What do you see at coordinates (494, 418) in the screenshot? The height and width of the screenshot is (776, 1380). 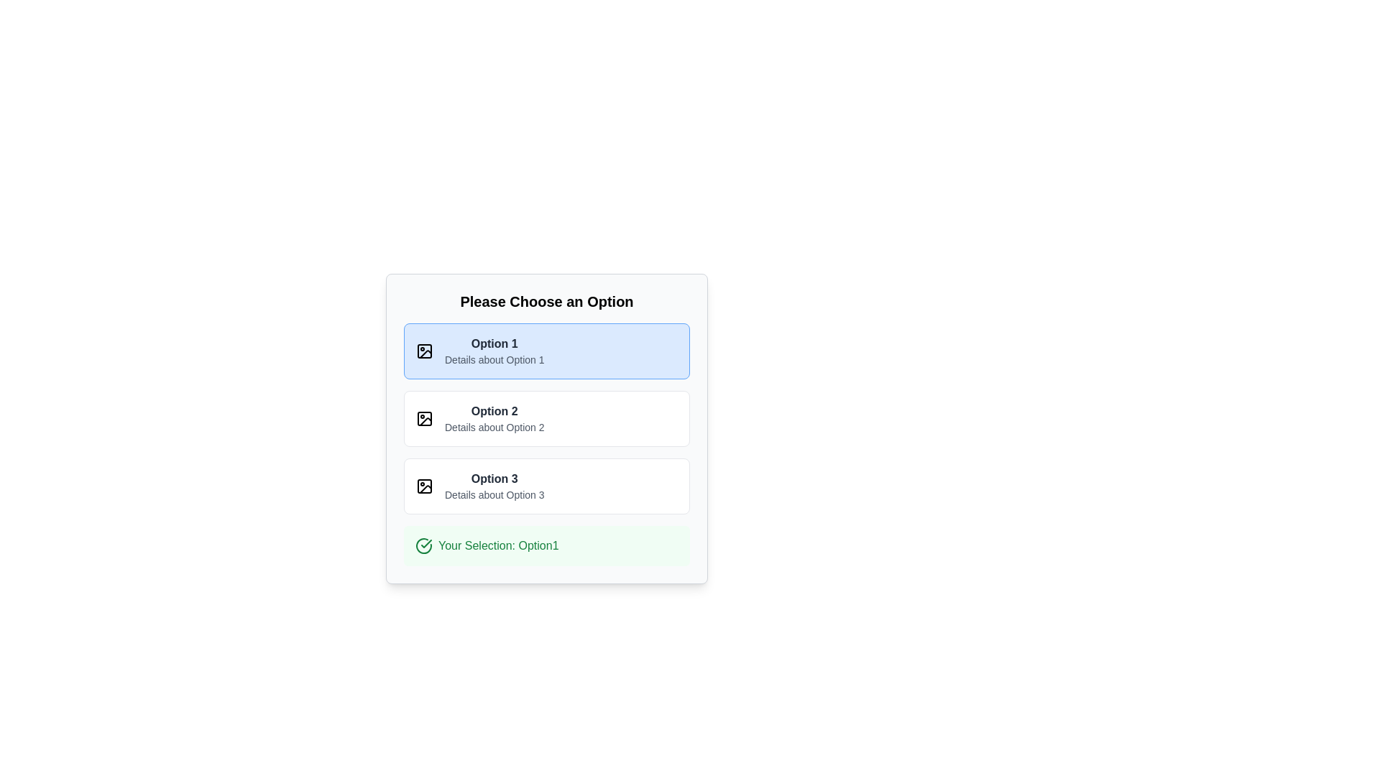 I see `the label or description text within the selectable card, located between 'Option 1' and 'Option 3'` at bounding box center [494, 418].